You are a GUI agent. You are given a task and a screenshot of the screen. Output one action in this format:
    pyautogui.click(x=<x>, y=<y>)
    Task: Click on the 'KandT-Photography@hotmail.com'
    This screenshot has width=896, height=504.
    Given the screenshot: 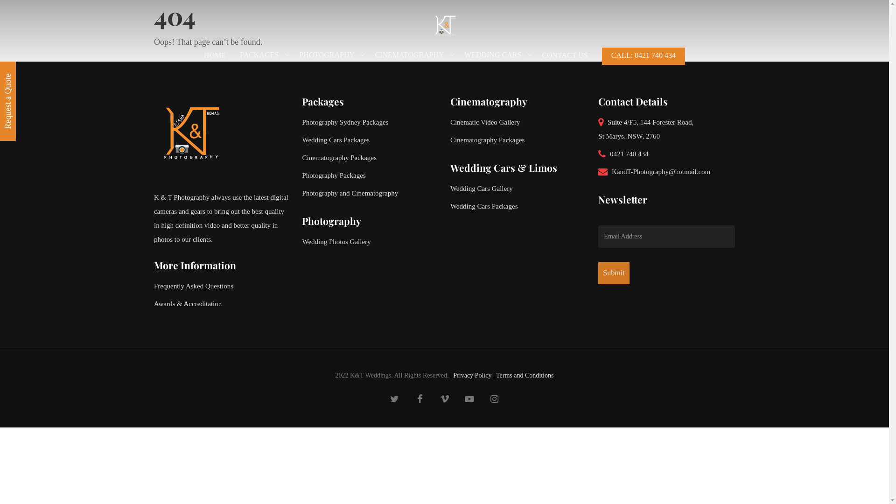 What is the action you would take?
    pyautogui.click(x=666, y=171)
    